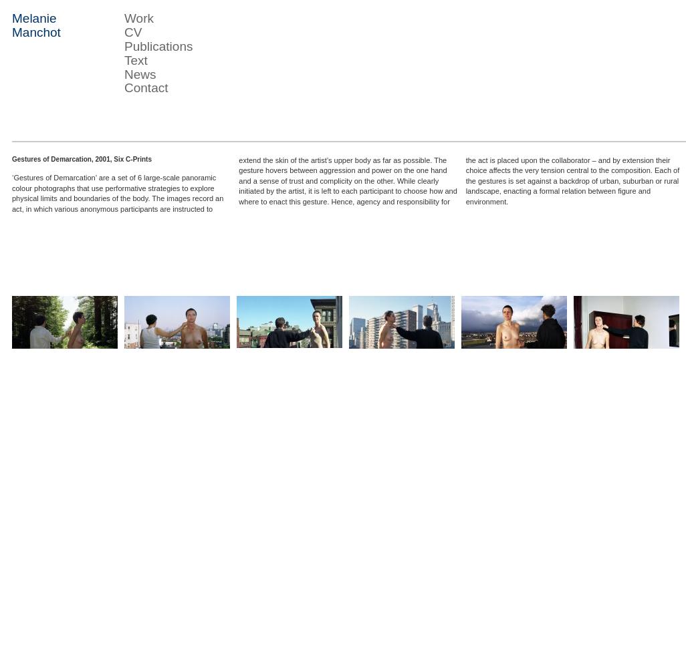  What do you see at coordinates (140, 73) in the screenshot?
I see `'News'` at bounding box center [140, 73].